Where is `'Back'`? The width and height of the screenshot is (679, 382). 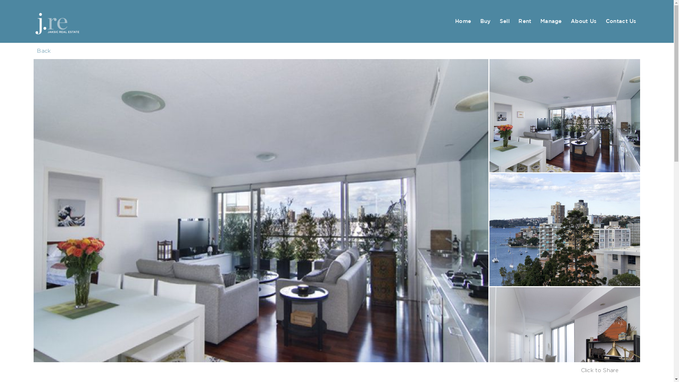 'Back' is located at coordinates (43, 50).